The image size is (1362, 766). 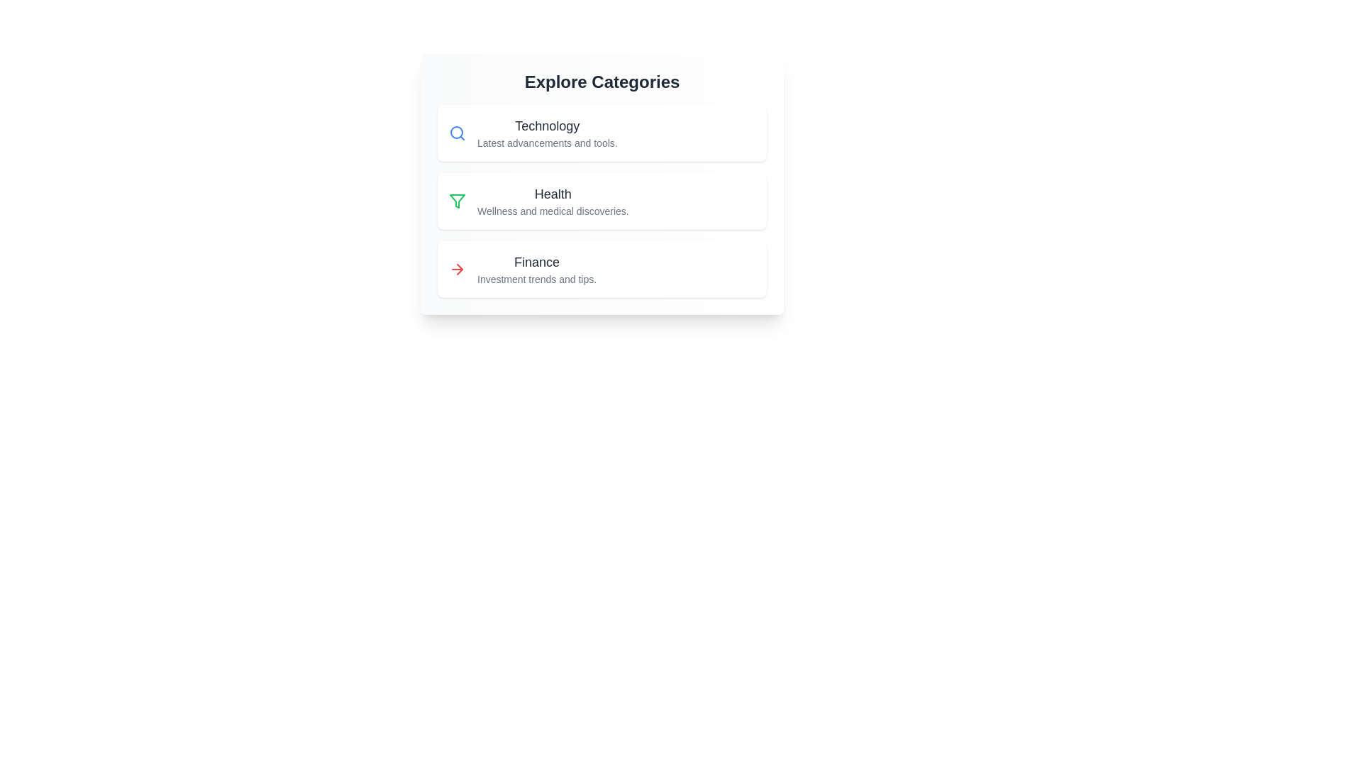 I want to click on the icon associated with the category Technology, so click(x=457, y=133).